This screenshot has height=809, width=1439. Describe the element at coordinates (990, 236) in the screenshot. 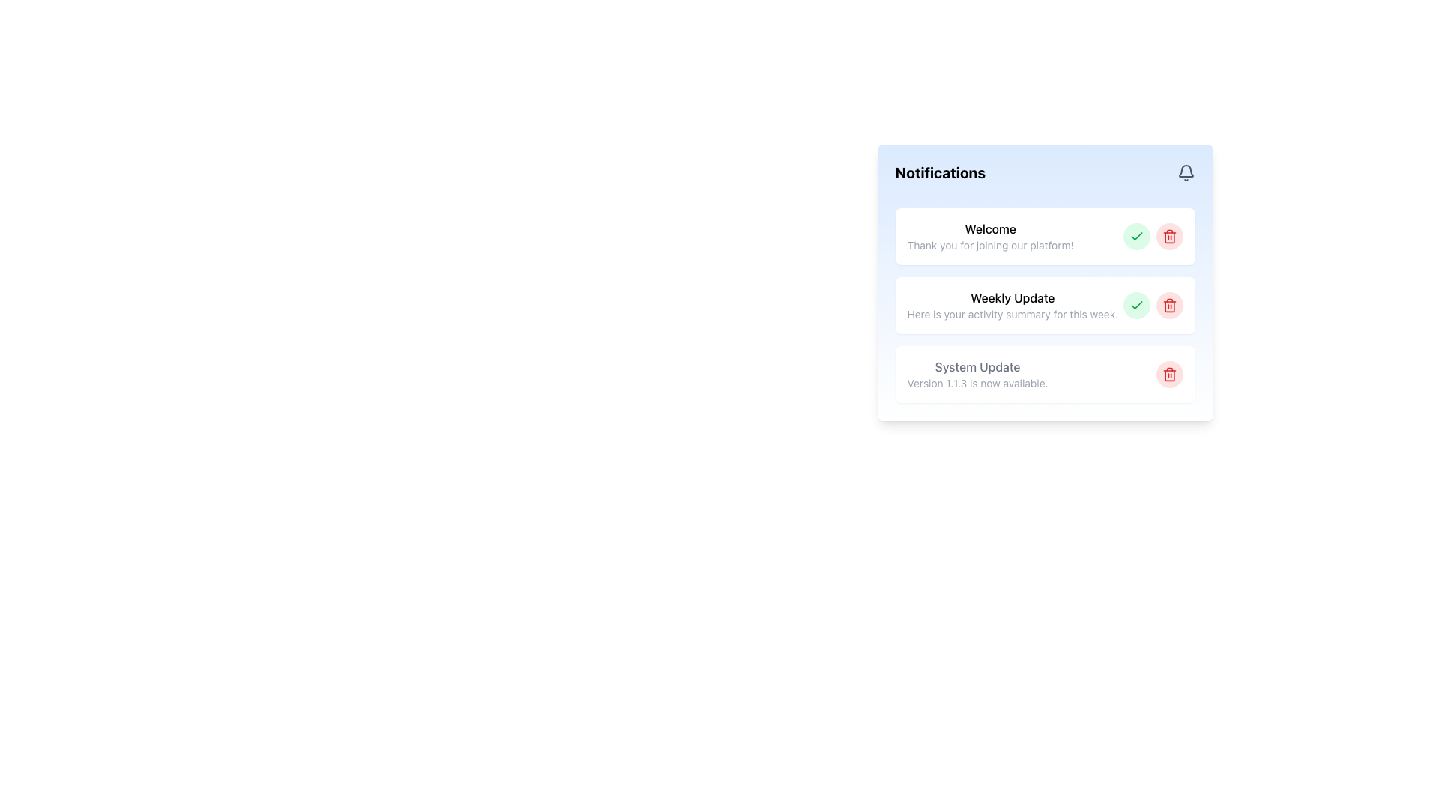

I see `the 'Welcome' text block in the Notifications section, which contains a bold welcome message and a subtitle in a lighter gray font` at that location.